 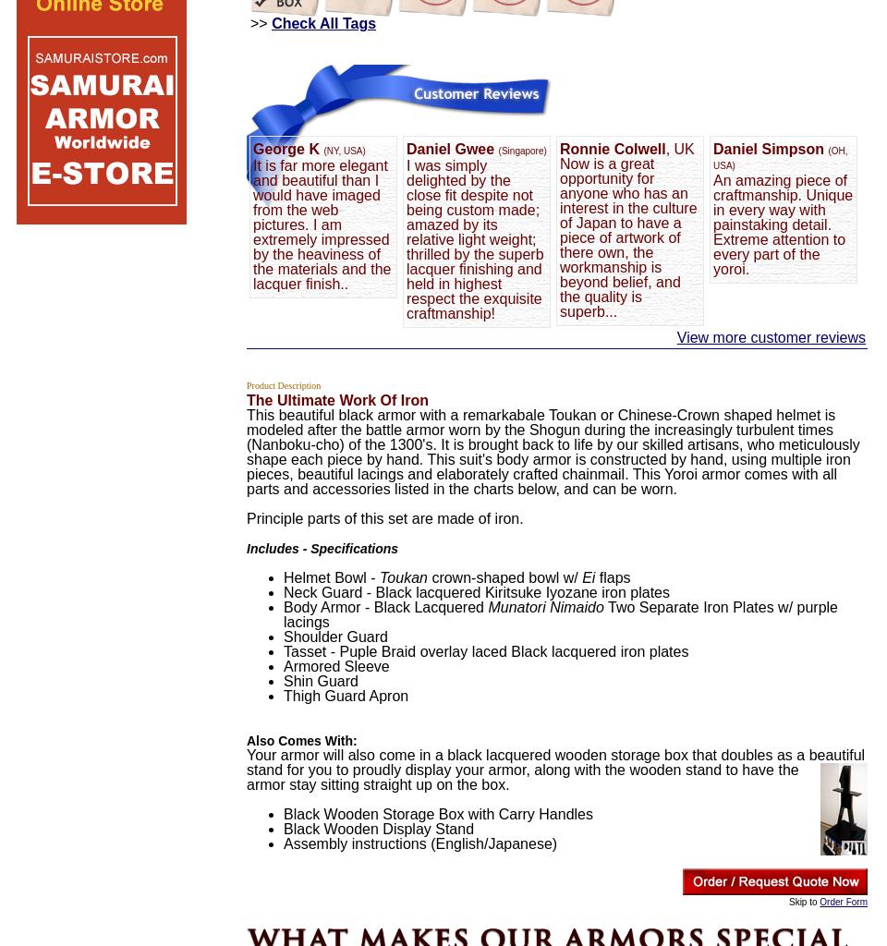 What do you see at coordinates (403, 577) in the screenshot?
I see `'Toukan'` at bounding box center [403, 577].